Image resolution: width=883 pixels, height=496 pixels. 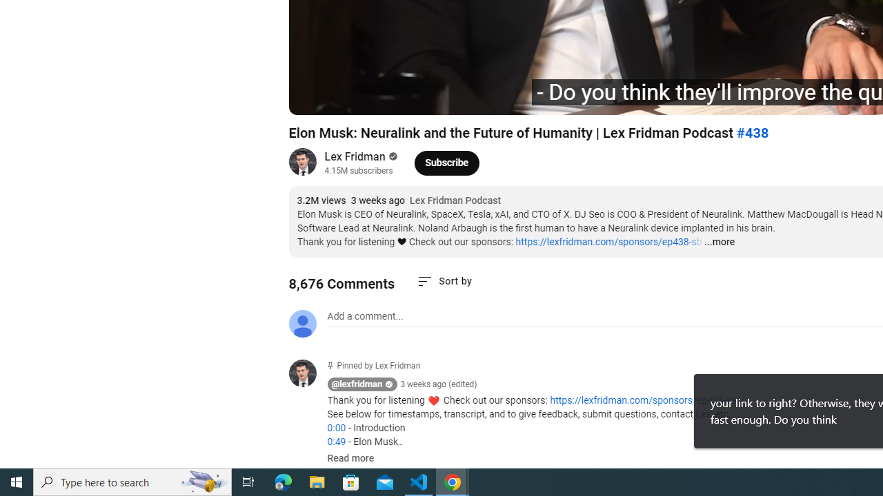 What do you see at coordinates (444, 280) in the screenshot?
I see `'Sort comments'` at bounding box center [444, 280].